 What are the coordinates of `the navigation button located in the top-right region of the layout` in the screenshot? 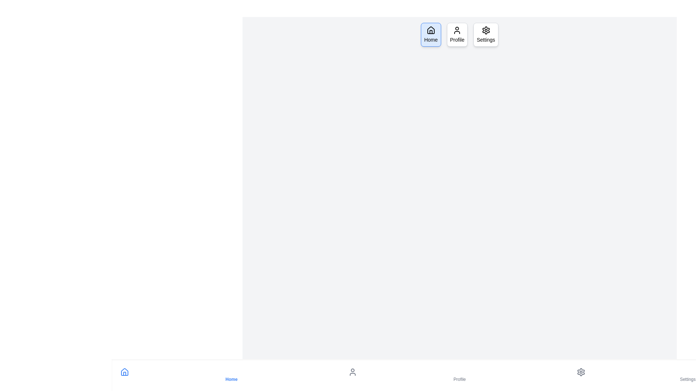 It's located at (486, 35).